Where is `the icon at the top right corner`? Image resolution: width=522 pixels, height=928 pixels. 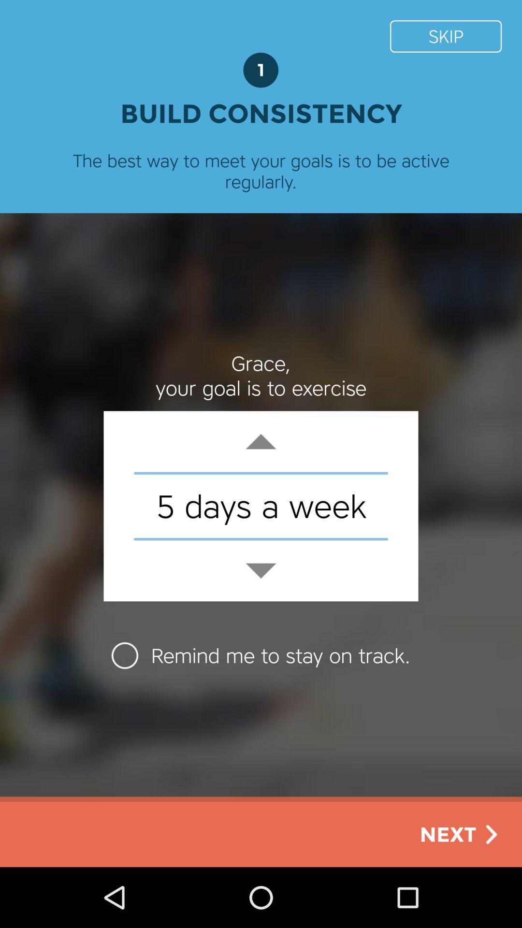 the icon at the top right corner is located at coordinates (446, 36).